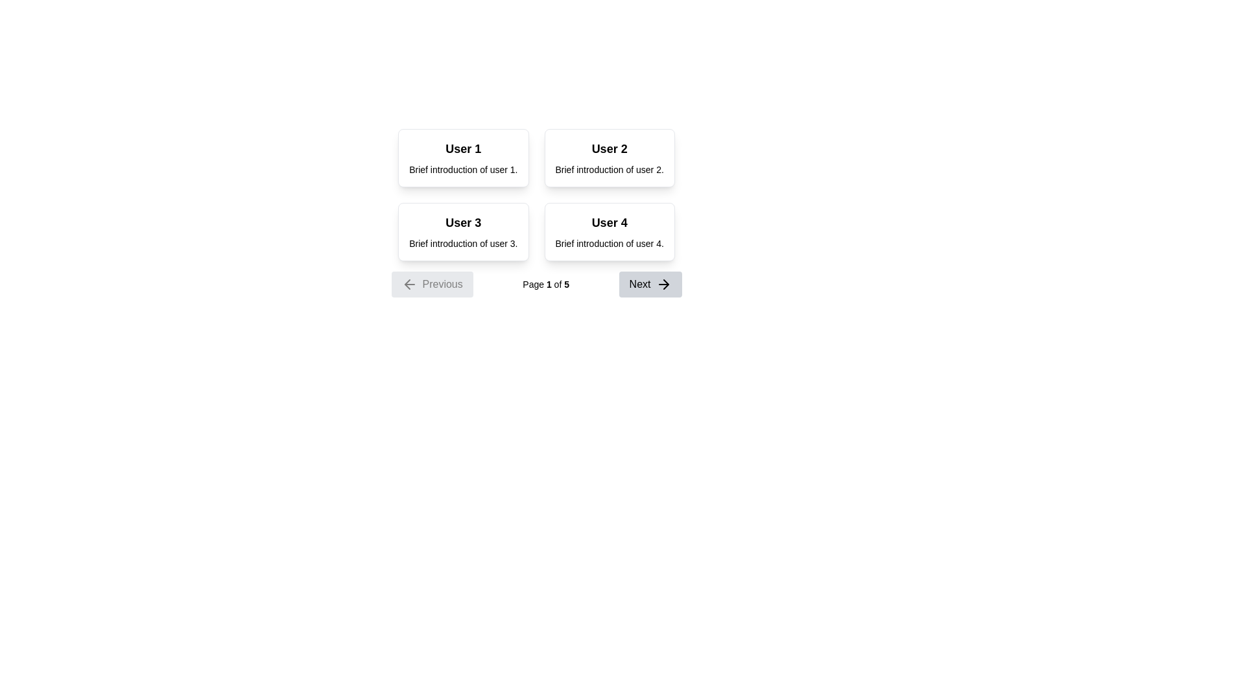 The width and height of the screenshot is (1245, 700). I want to click on the second card component in the grid layout that displays 'User 2' and a brief introduction, so click(609, 157).